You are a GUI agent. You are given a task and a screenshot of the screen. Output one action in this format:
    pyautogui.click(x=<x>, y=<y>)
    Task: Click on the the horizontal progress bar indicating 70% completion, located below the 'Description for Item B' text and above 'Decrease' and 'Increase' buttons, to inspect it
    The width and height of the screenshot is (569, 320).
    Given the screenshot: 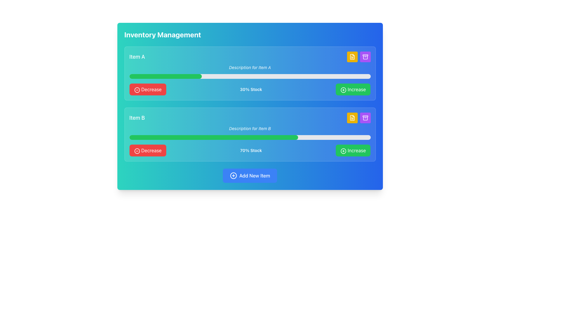 What is the action you would take?
    pyautogui.click(x=250, y=137)
    